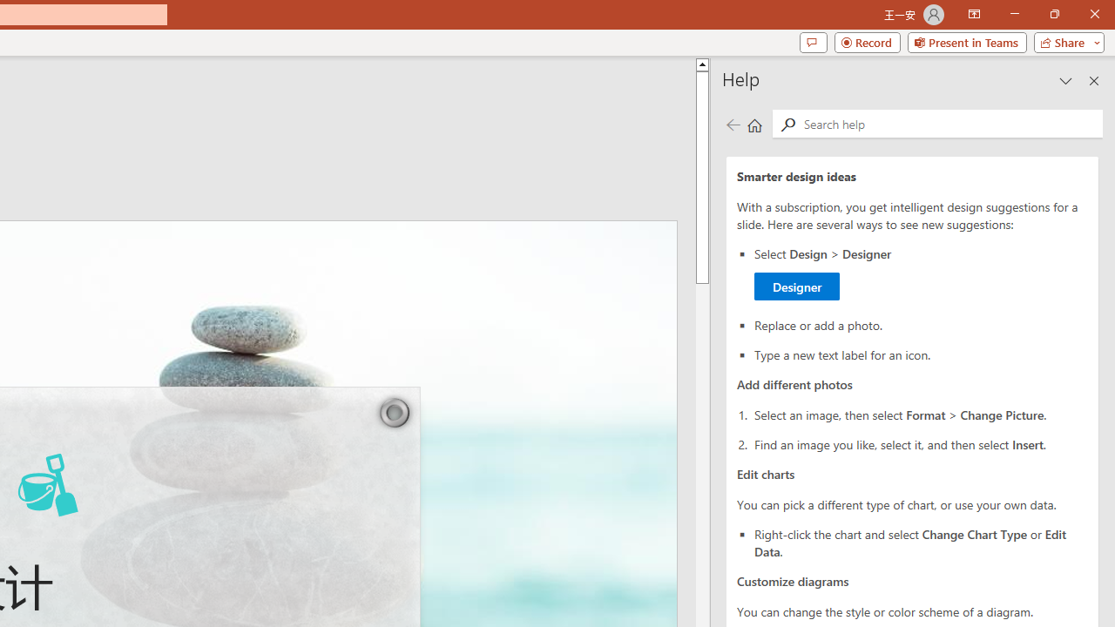  What do you see at coordinates (1053, 14) in the screenshot?
I see `'Restore Down'` at bounding box center [1053, 14].